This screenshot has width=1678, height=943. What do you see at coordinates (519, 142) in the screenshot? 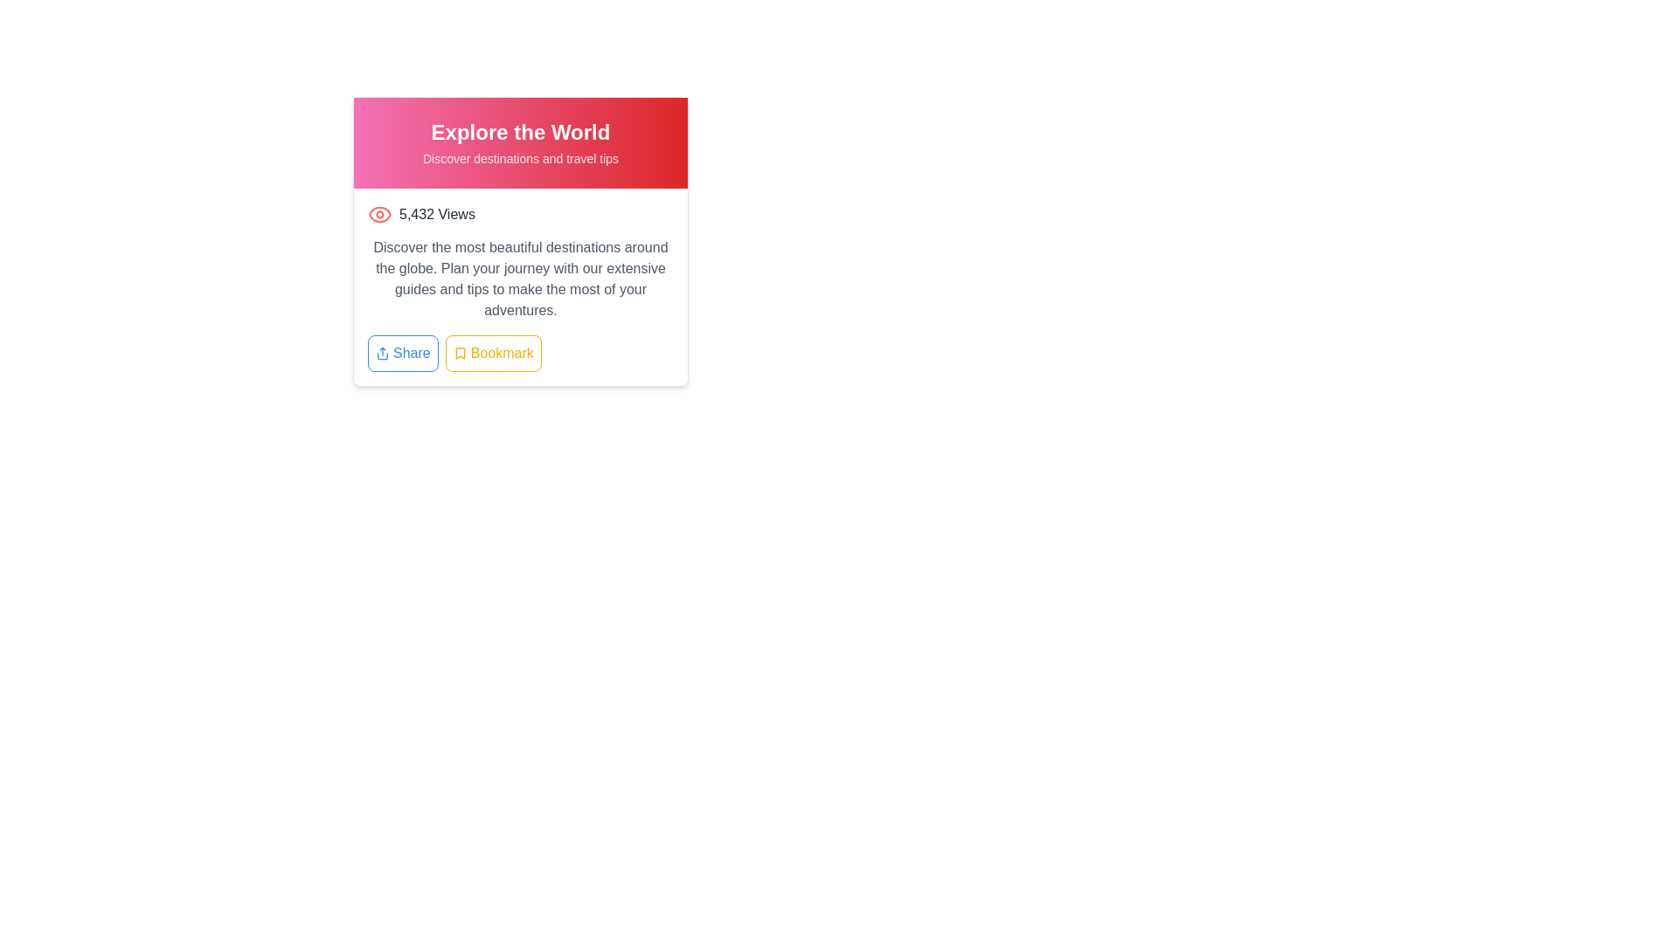
I see `the static decorative banner with text located at the top of the card structure, which serves to introduce the topic or theme of the content below` at bounding box center [519, 142].